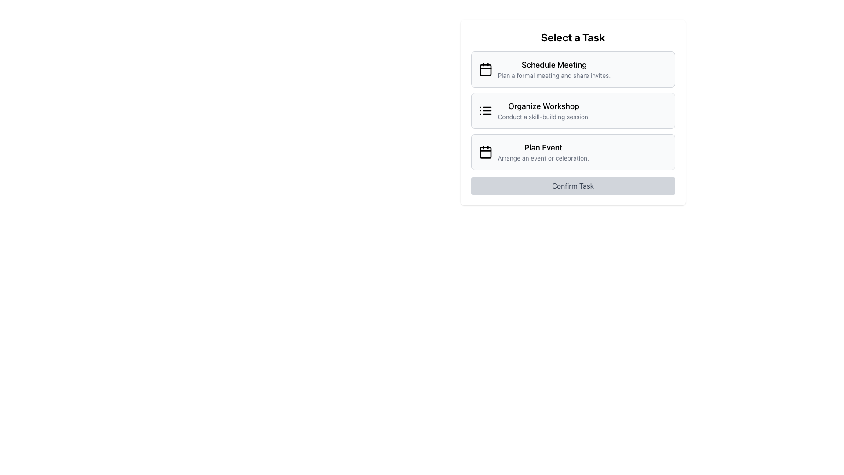  Describe the element at coordinates (553, 69) in the screenshot. I see `the 'Schedule Meeting' text block, which includes a bold title and a smaller description` at that location.